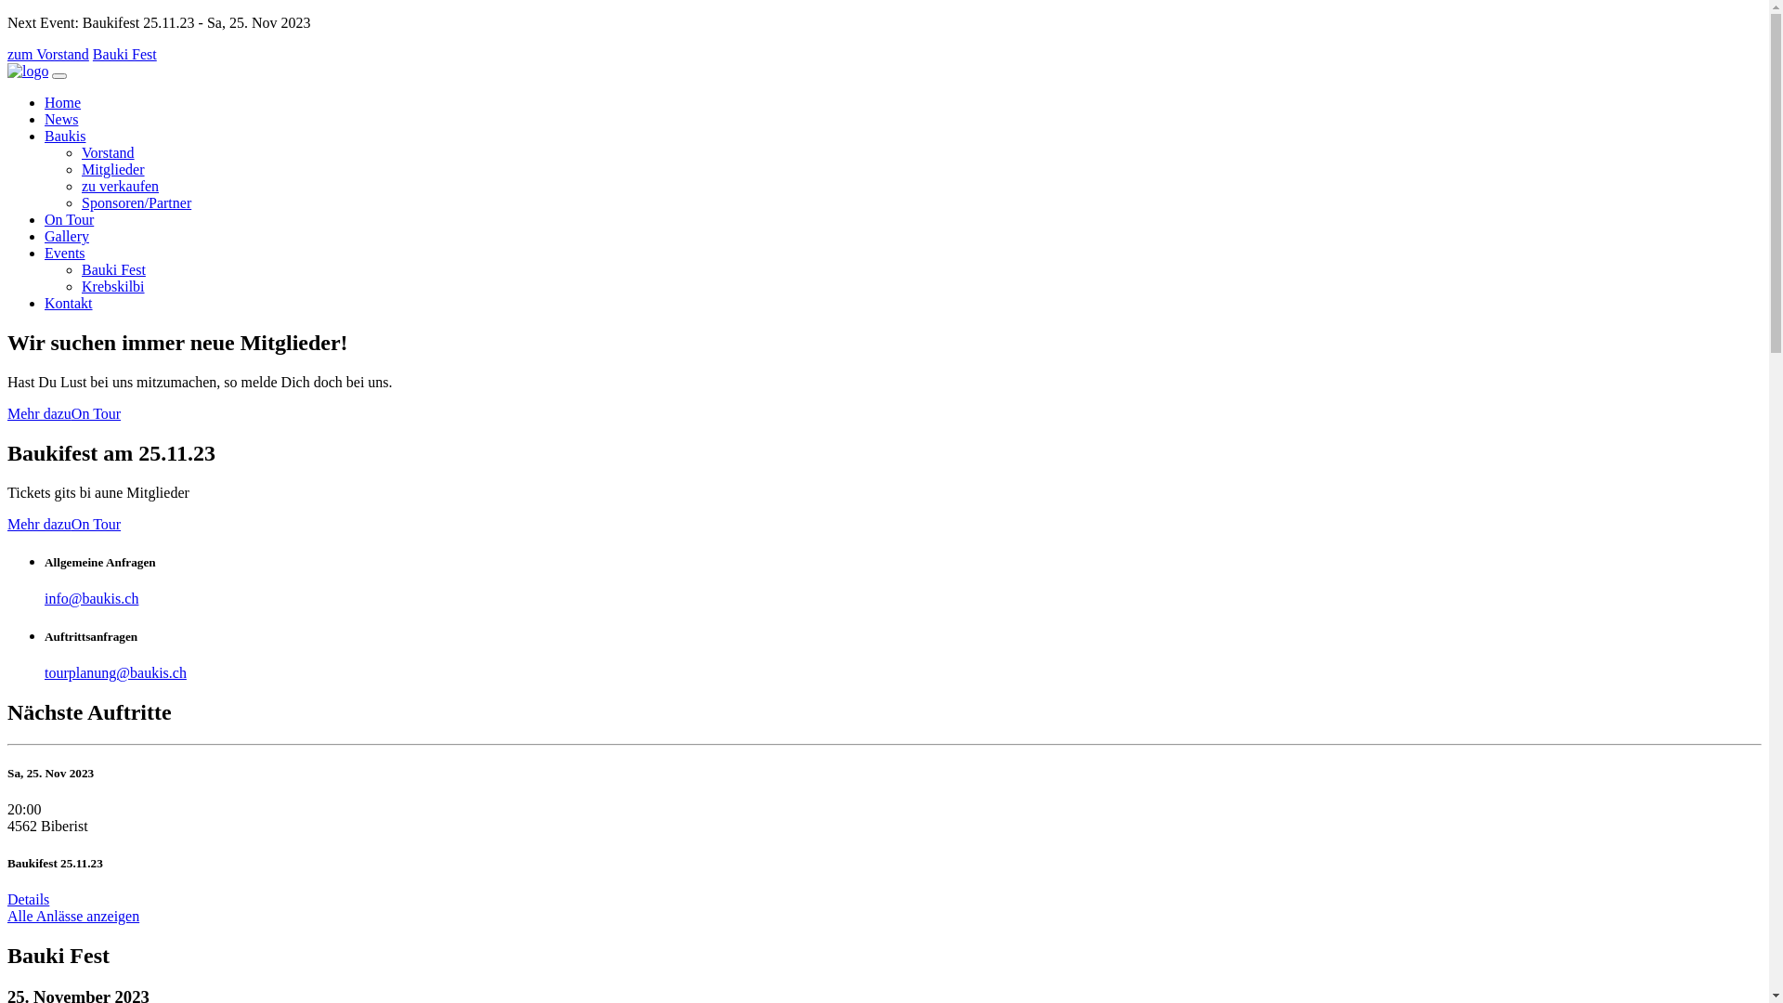 The height and width of the screenshot is (1003, 1783). What do you see at coordinates (124, 53) in the screenshot?
I see `'Bauki Fest'` at bounding box center [124, 53].